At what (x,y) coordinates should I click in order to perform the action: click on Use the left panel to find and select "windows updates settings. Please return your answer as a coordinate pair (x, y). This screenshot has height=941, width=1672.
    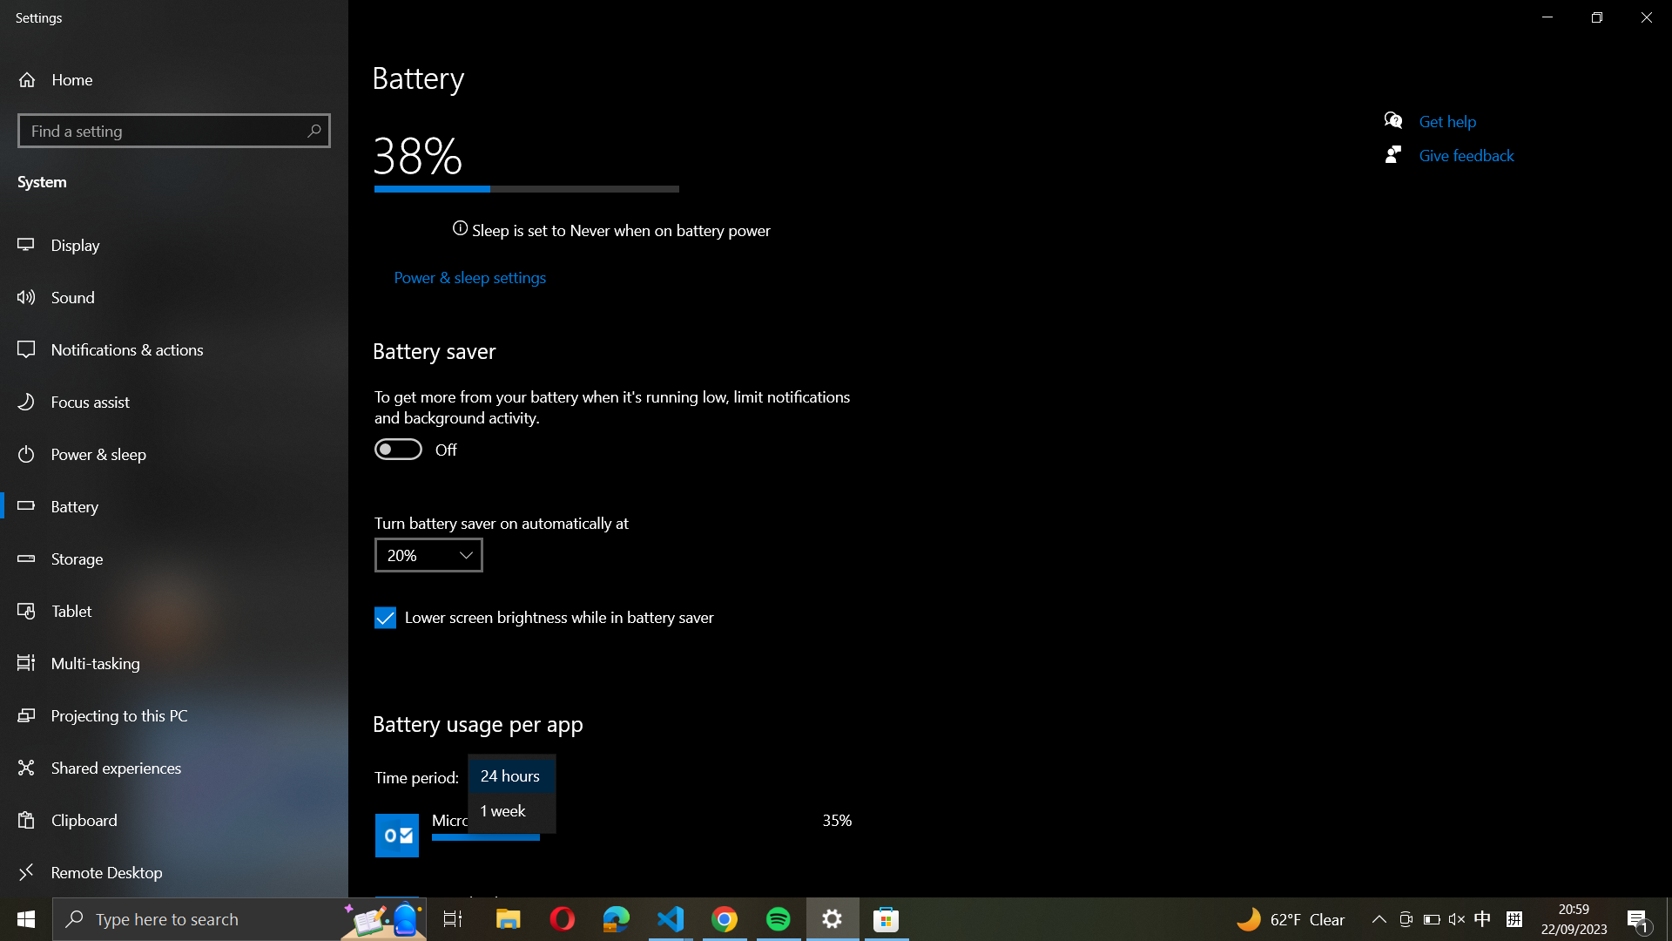
    Looking at the image, I should click on (174, 128).